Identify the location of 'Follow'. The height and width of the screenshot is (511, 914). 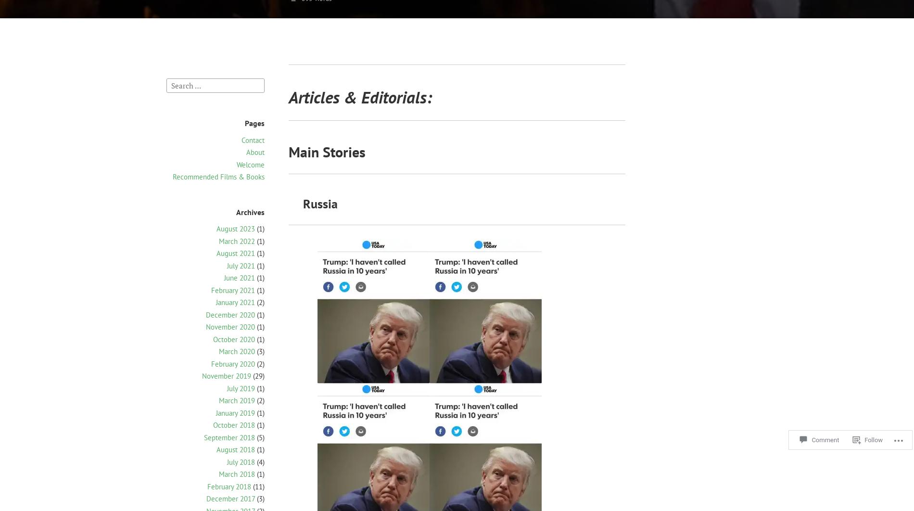
(864, 437).